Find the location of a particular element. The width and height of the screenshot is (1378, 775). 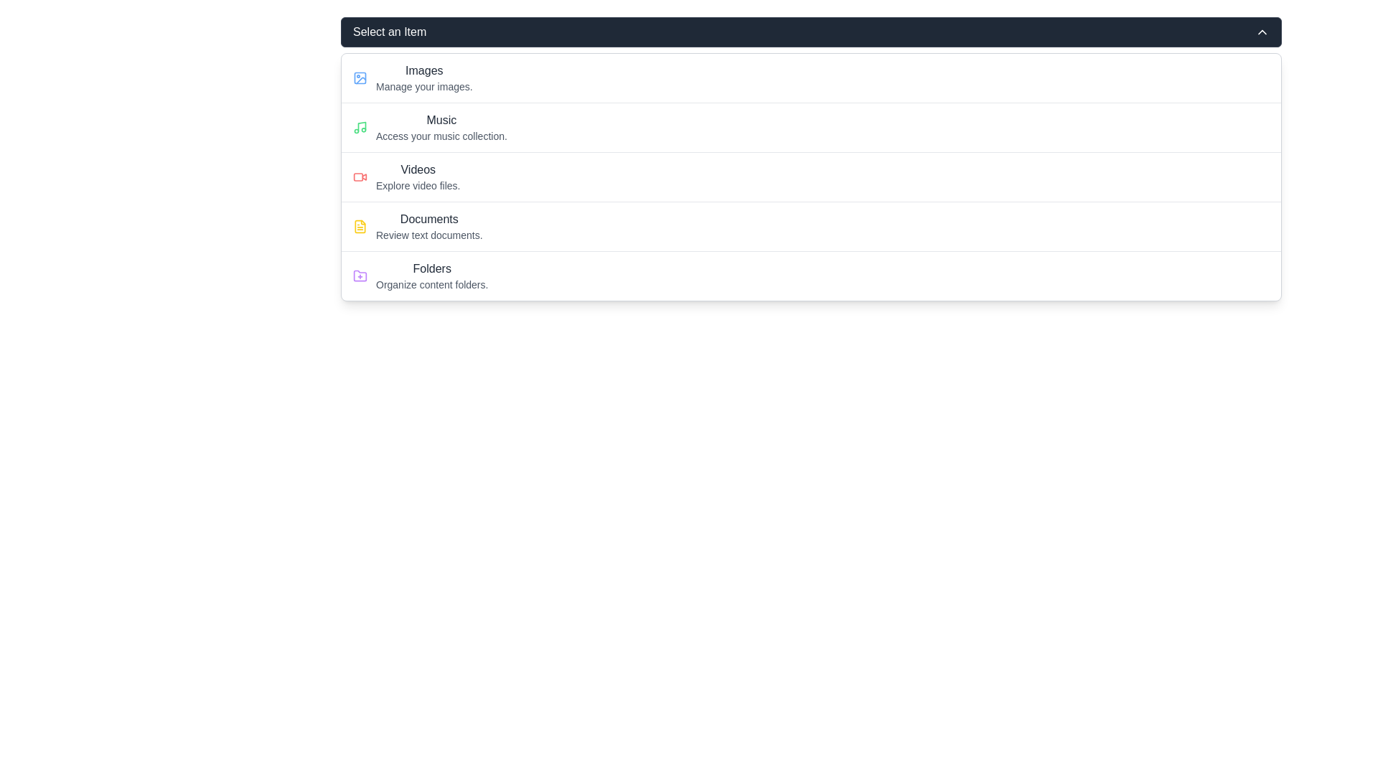

the purple folder icon with a plus sign located on the far left of the 'Folders' entry is located at coordinates (360, 276).